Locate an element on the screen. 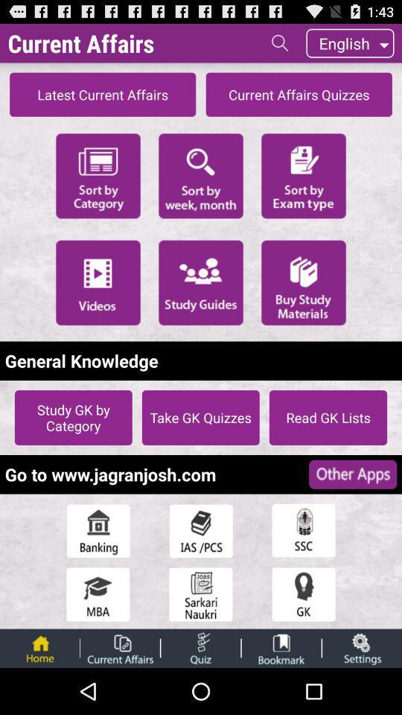 The width and height of the screenshot is (402, 715). the more icon is located at coordinates (200, 693).